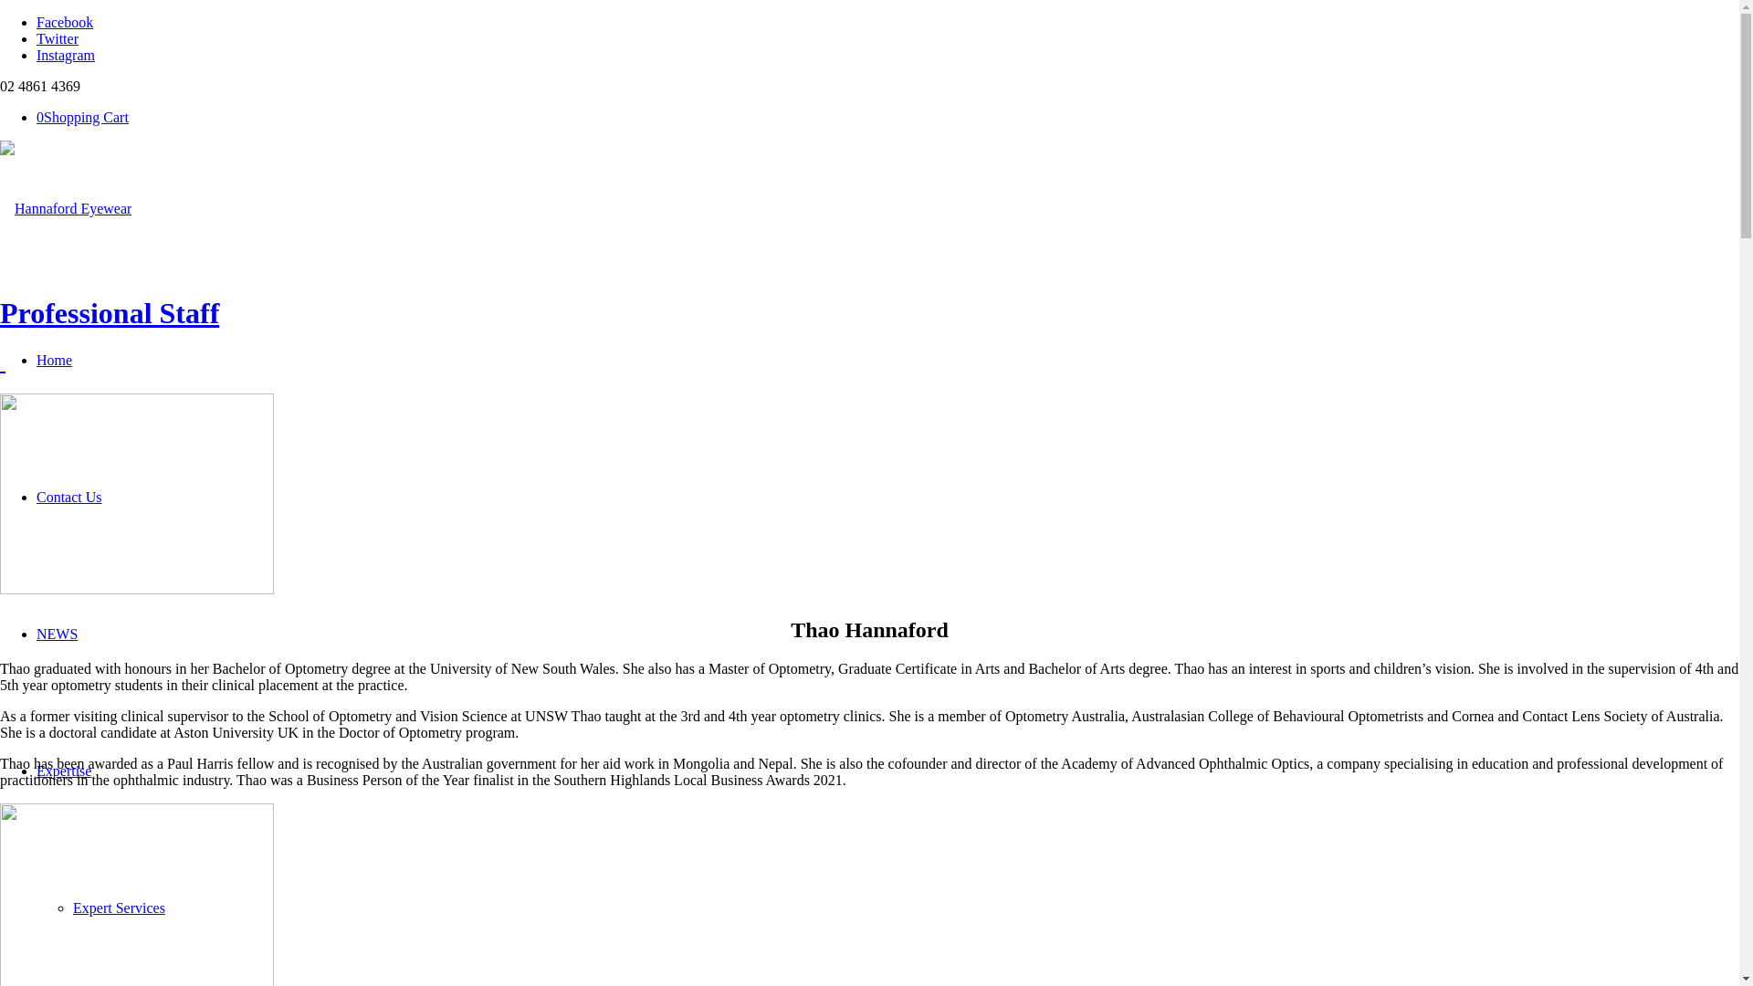 This screenshot has height=986, width=1753. Describe the element at coordinates (65, 22) in the screenshot. I see `'Facebook'` at that location.